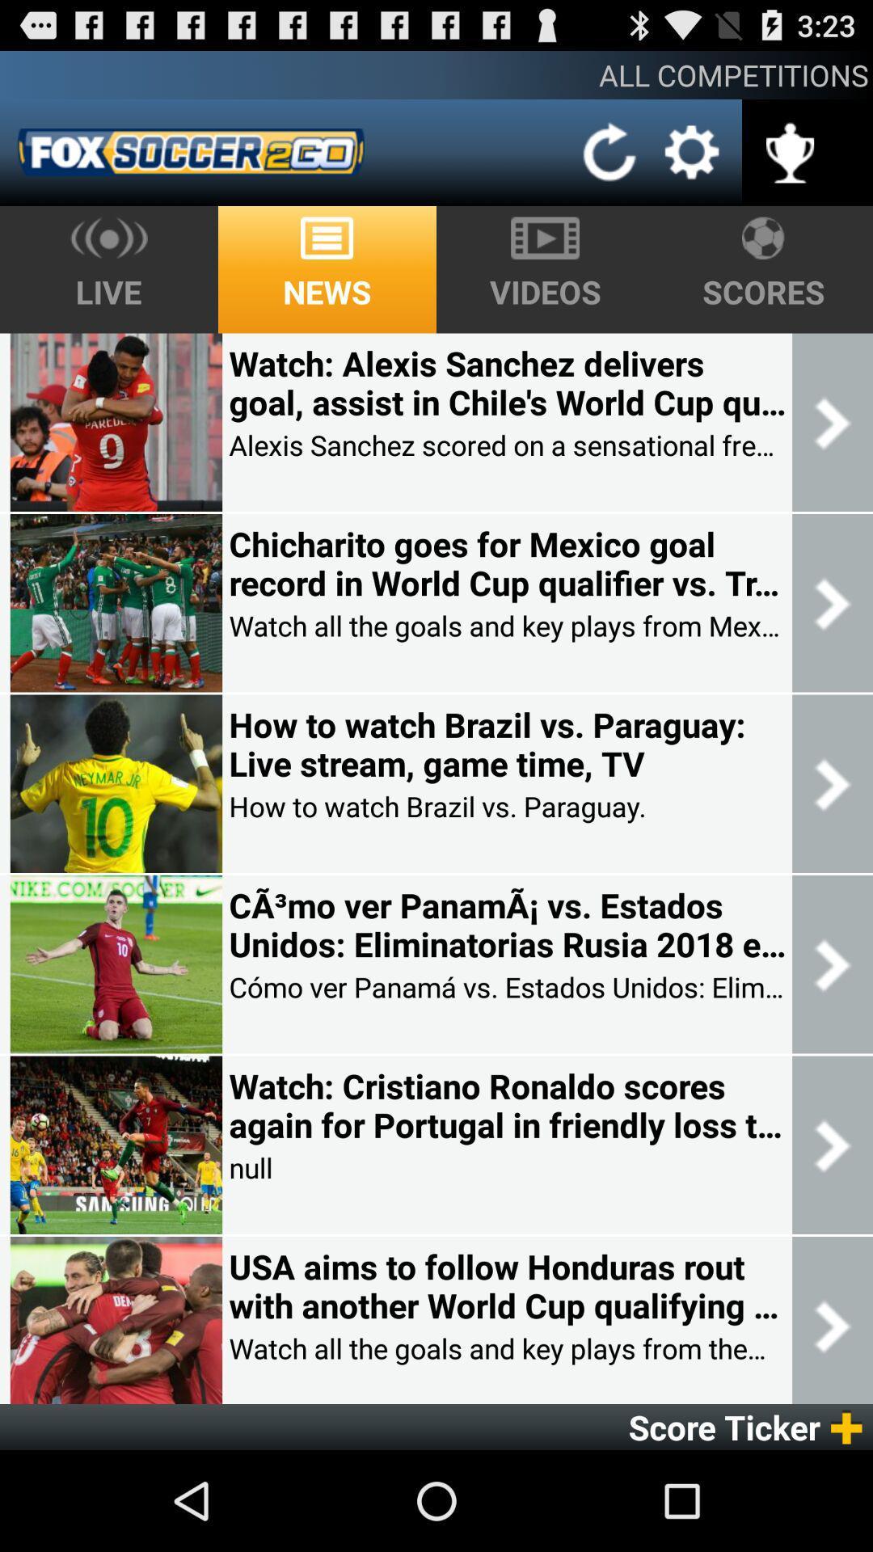 This screenshot has width=873, height=1552. Describe the element at coordinates (506, 1285) in the screenshot. I see `usa aims to item` at that location.